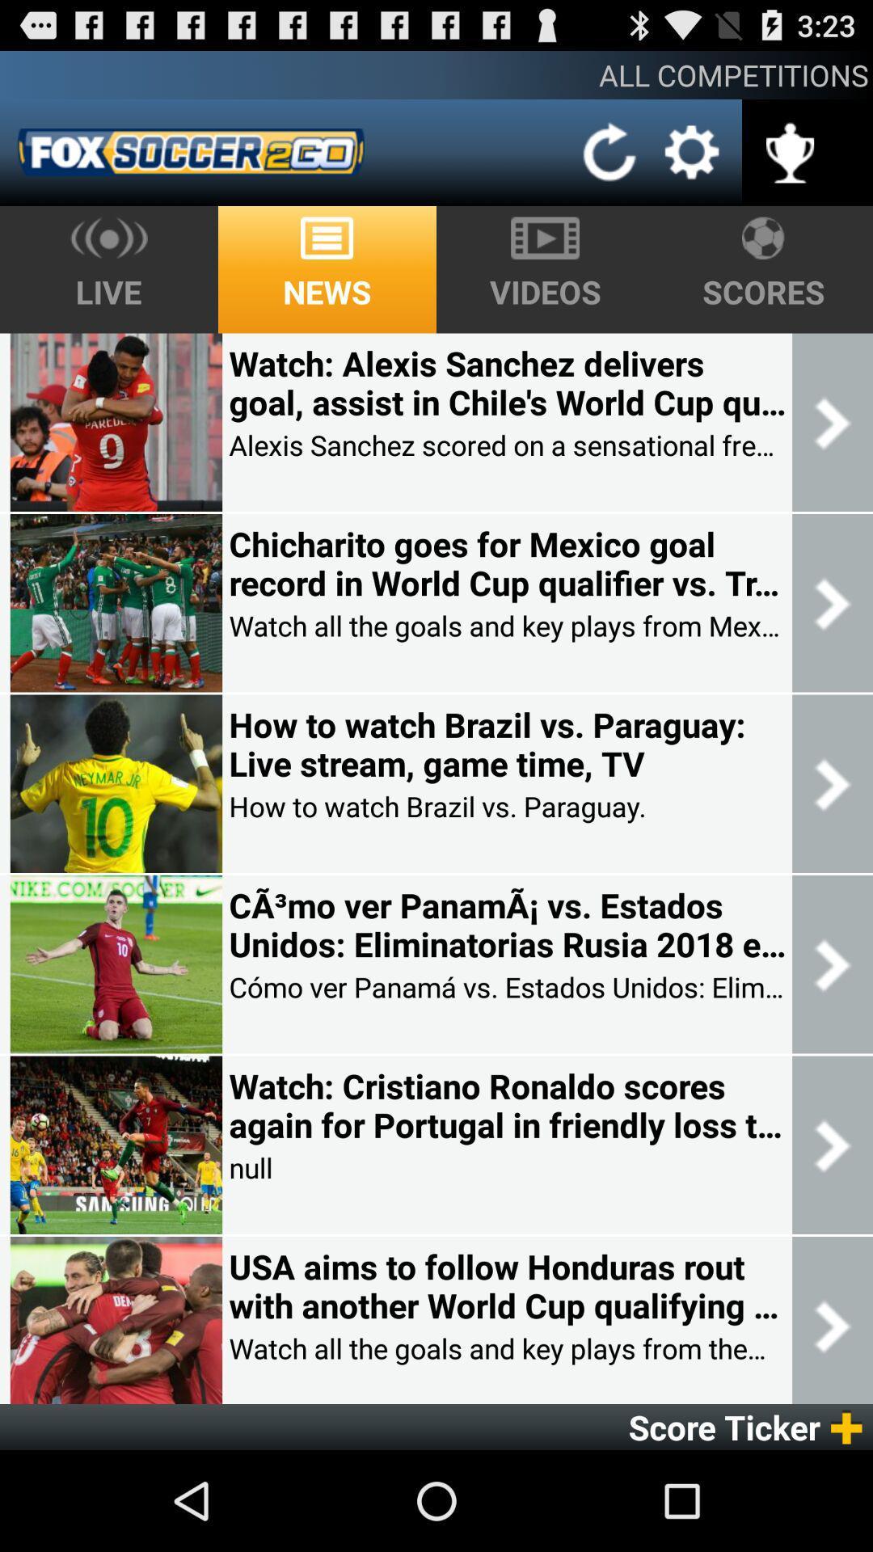 This screenshot has width=873, height=1552. Describe the element at coordinates (506, 1285) in the screenshot. I see `usa aims to item` at that location.